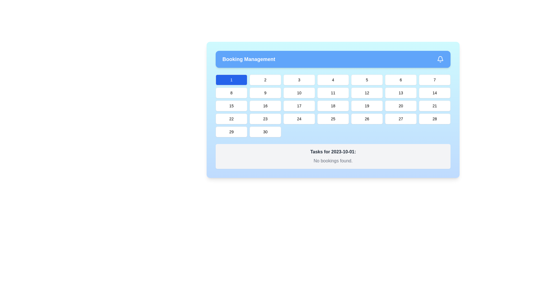 The height and width of the screenshot is (305, 542). What do you see at coordinates (231, 118) in the screenshot?
I see `the button representing the date '22' in the fourth row and first column of the grid layout for additional interaction or visual feedback` at bounding box center [231, 118].